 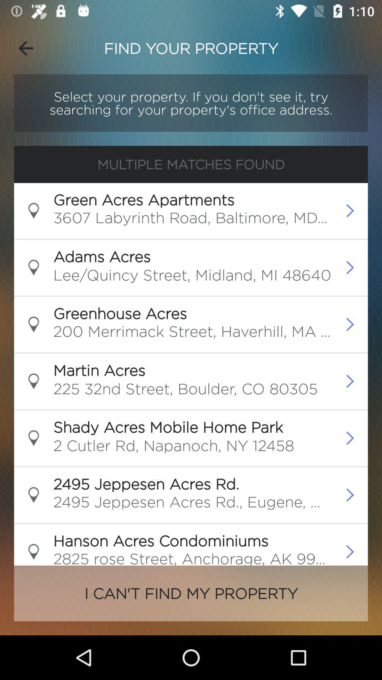 I want to click on adams acres, so click(x=102, y=256).